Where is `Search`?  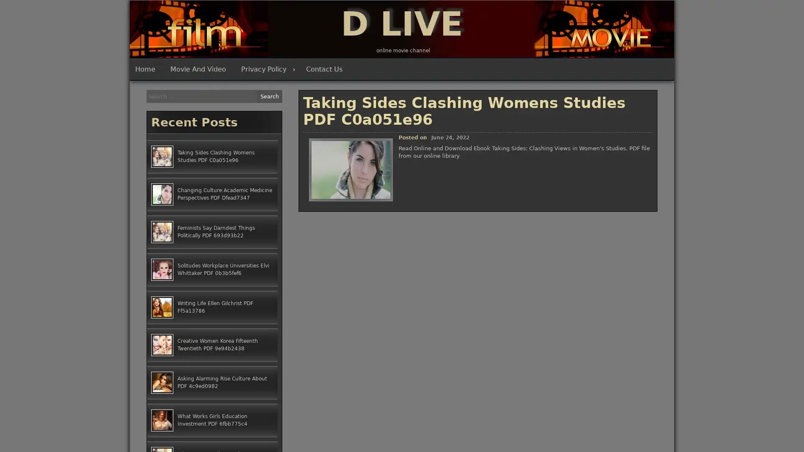
Search is located at coordinates (269, 96).